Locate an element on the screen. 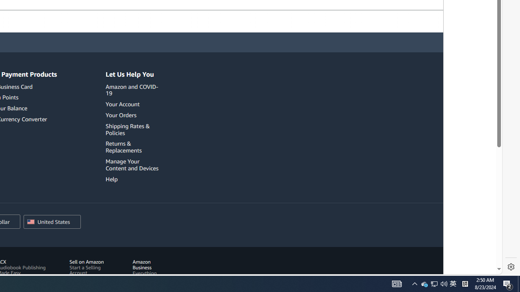  'Manage Your Content and Devices' is located at coordinates (133, 164).